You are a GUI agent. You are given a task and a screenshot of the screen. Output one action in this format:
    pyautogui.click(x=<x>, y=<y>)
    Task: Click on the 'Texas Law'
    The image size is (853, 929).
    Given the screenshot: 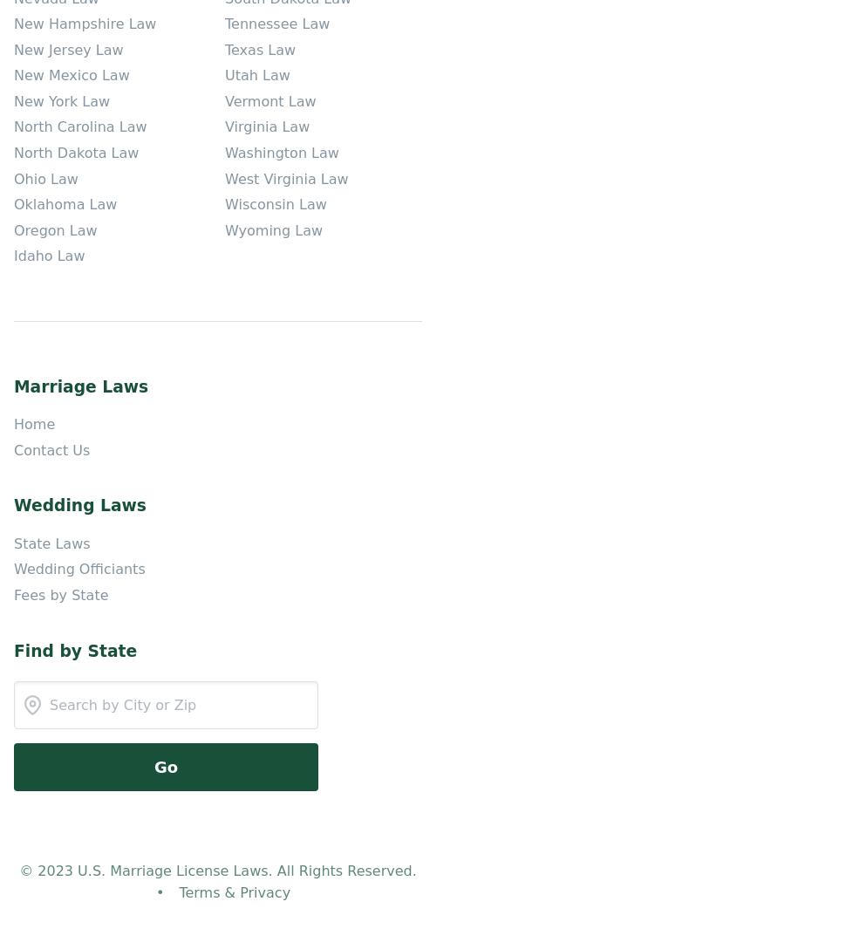 What is the action you would take?
    pyautogui.click(x=223, y=48)
    